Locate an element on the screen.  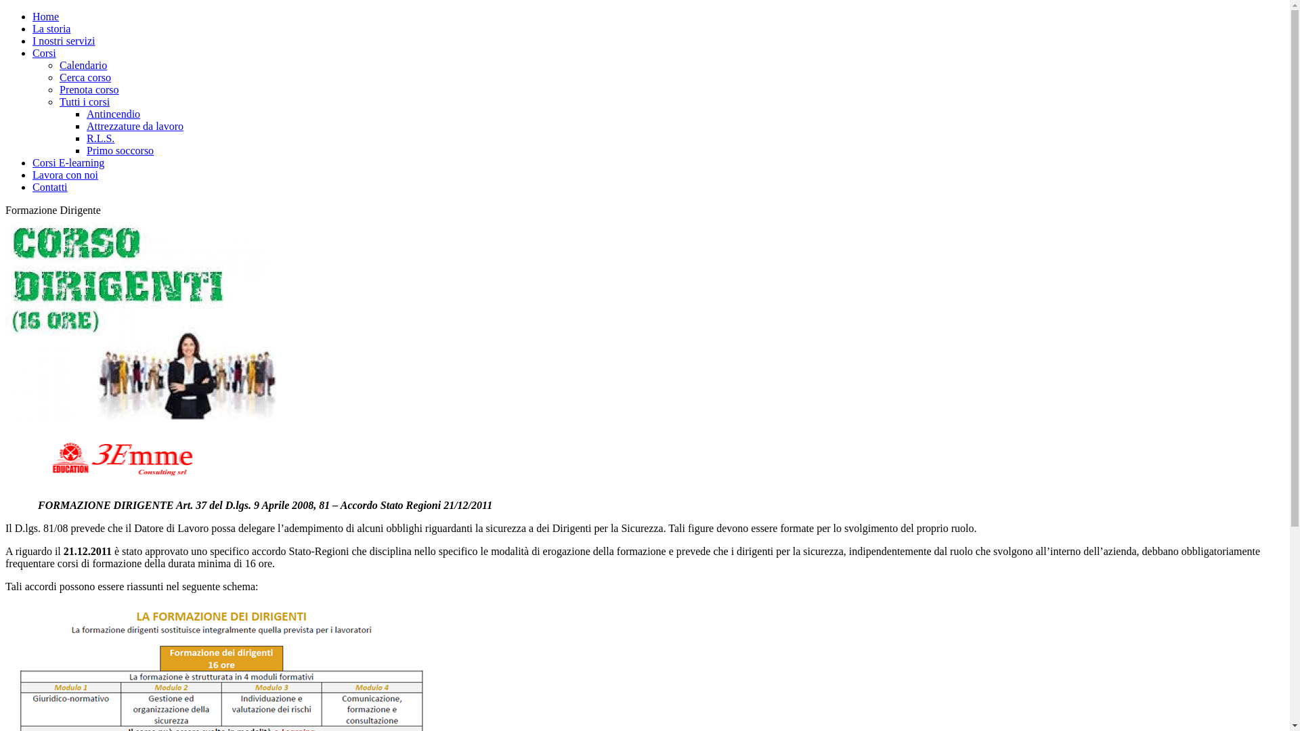
'R.L.S.' is located at coordinates (100, 138).